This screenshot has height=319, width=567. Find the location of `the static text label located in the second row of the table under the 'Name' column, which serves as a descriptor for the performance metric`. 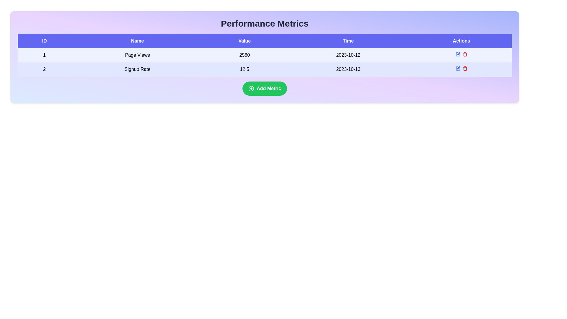

the static text label located in the second row of the table under the 'Name' column, which serves as a descriptor for the performance metric is located at coordinates (137, 69).